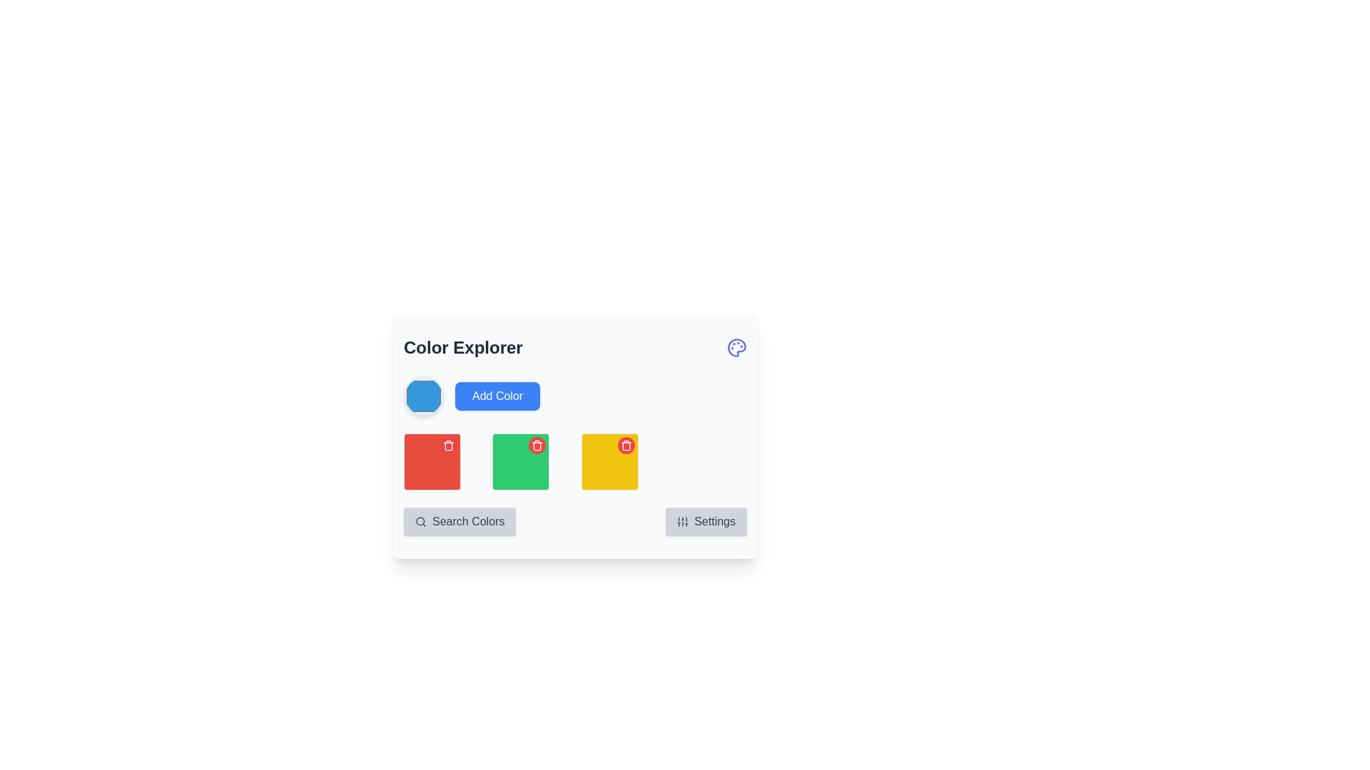  What do you see at coordinates (420, 521) in the screenshot?
I see `the decorative circle of the magnifying glass icon that represents the 'search' action, which is part of the 'Search Colors' button` at bounding box center [420, 521].